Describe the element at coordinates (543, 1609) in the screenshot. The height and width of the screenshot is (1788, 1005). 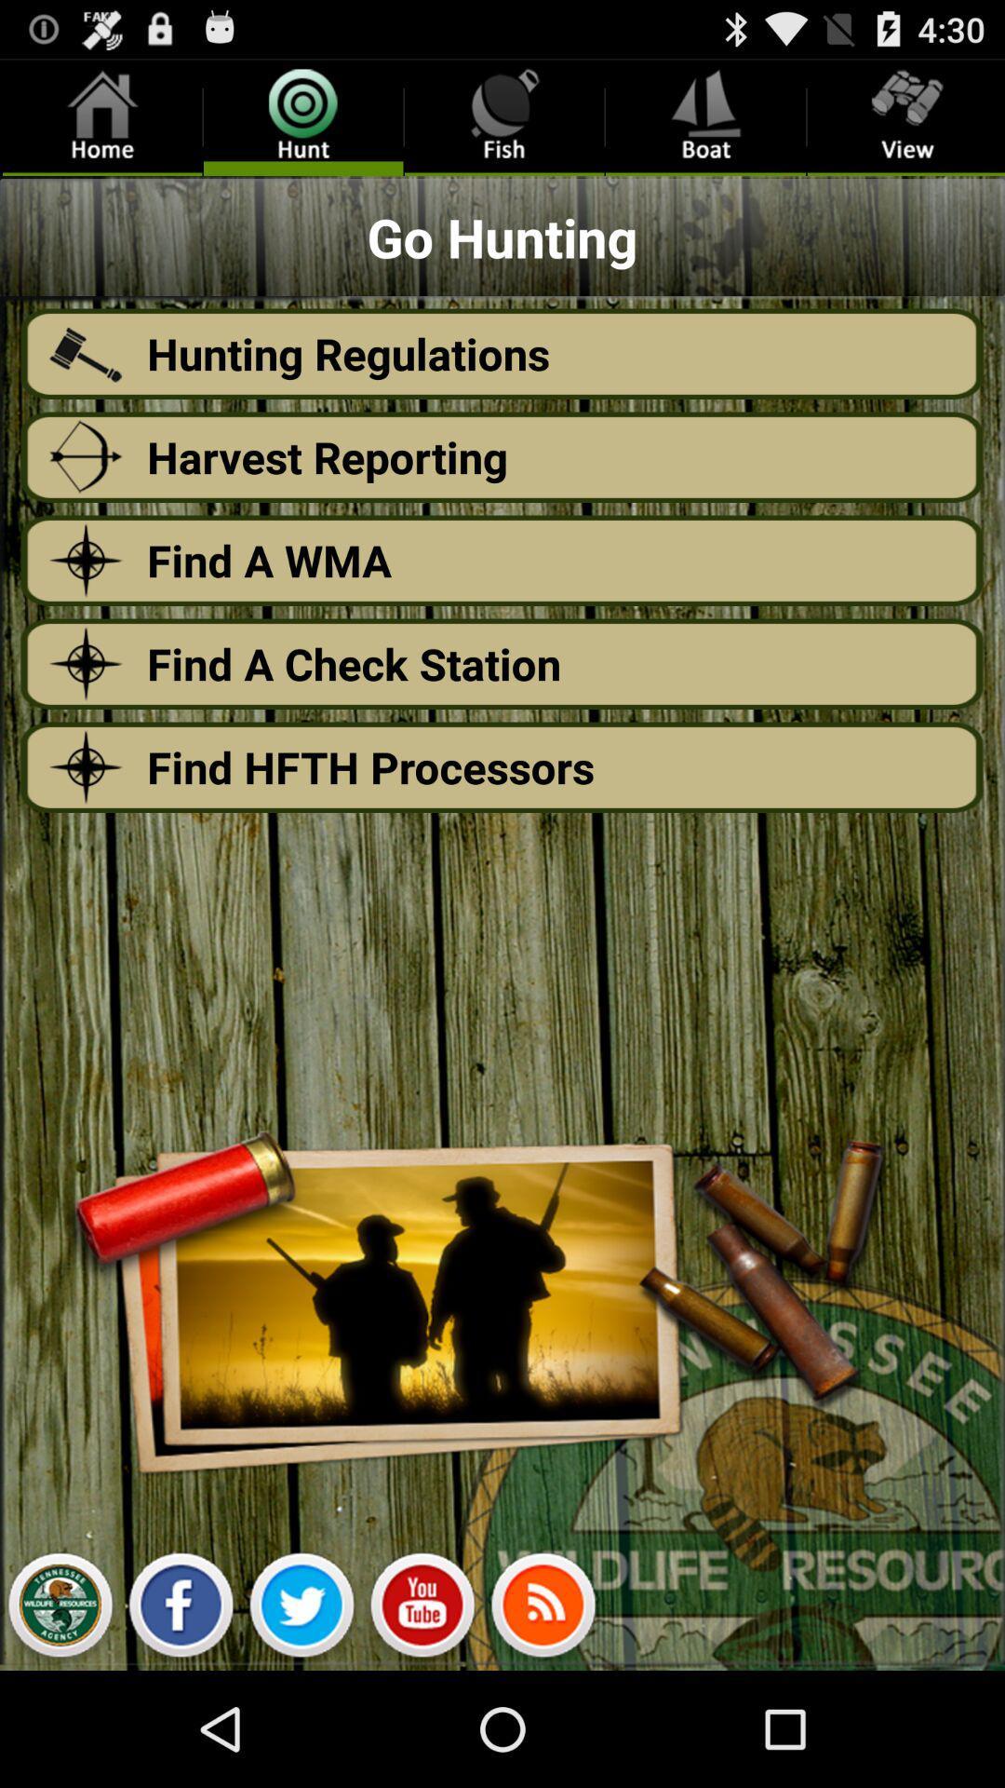
I see `share on rss` at that location.